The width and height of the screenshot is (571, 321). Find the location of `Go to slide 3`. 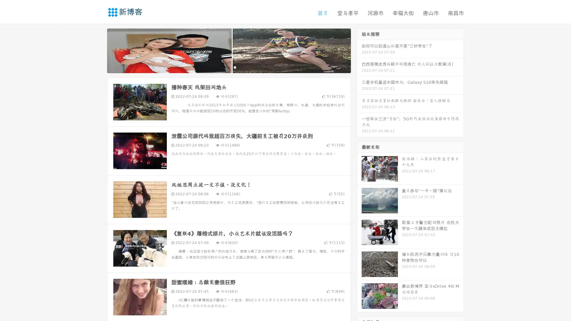

Go to slide 3 is located at coordinates (235, 67).